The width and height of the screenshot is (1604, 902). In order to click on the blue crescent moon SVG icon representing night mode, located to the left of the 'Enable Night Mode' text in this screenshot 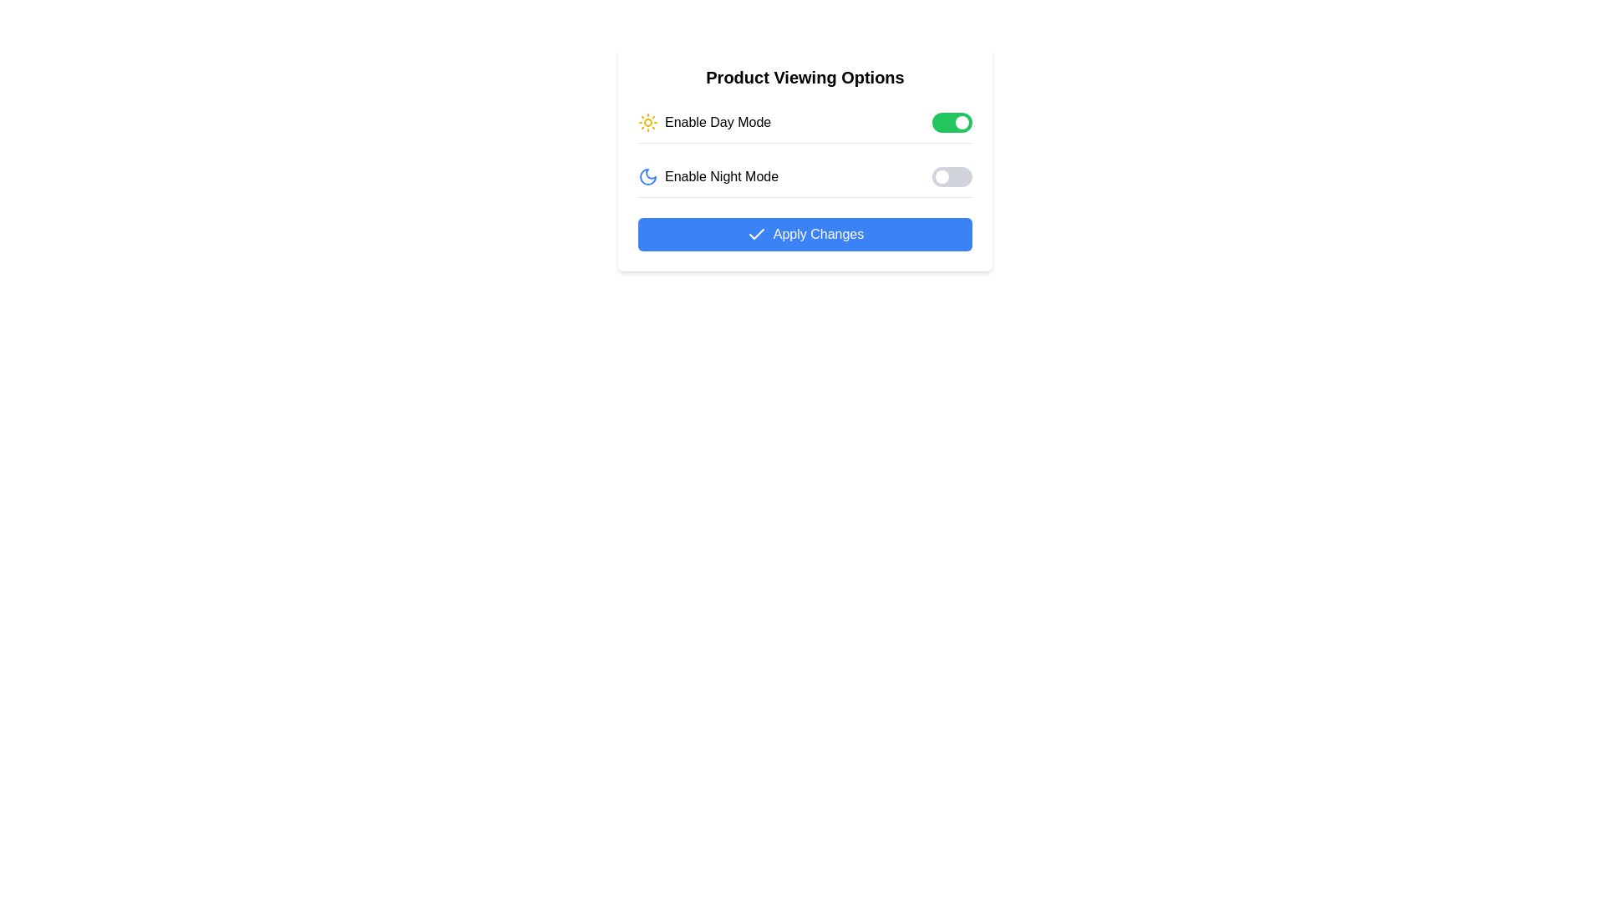, I will do `click(647, 177)`.